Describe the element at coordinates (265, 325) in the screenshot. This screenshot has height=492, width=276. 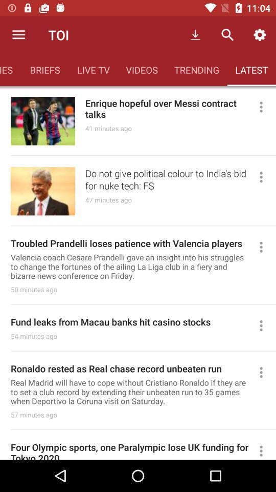
I see `the 4th menu icon from the top of the page` at that location.